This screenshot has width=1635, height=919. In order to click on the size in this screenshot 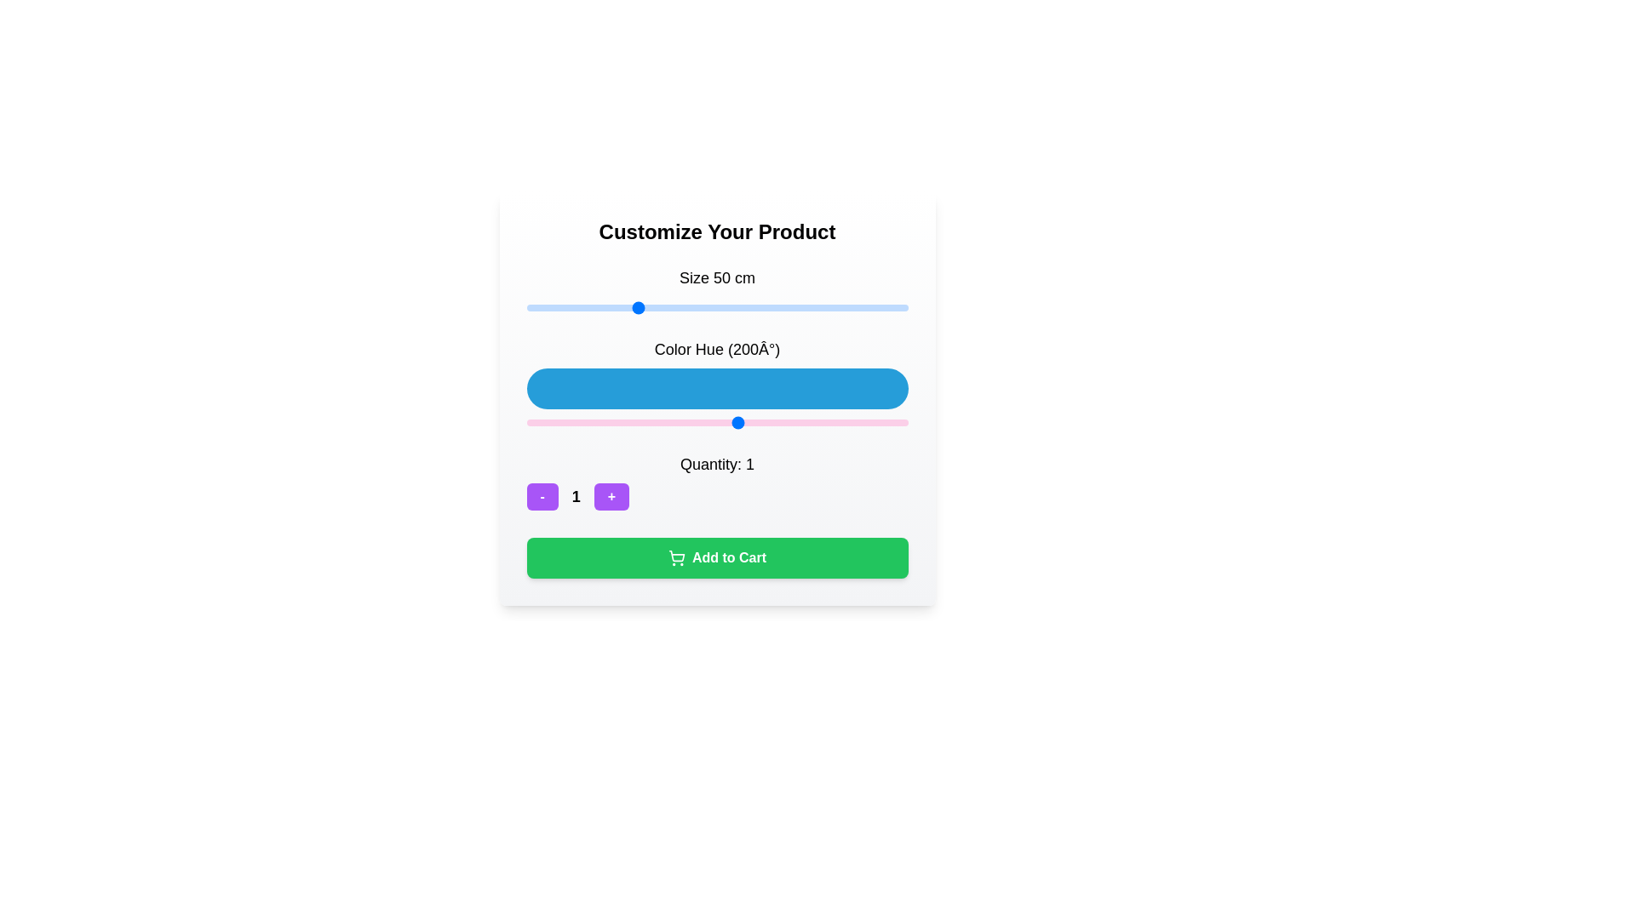, I will do `click(678, 308)`.